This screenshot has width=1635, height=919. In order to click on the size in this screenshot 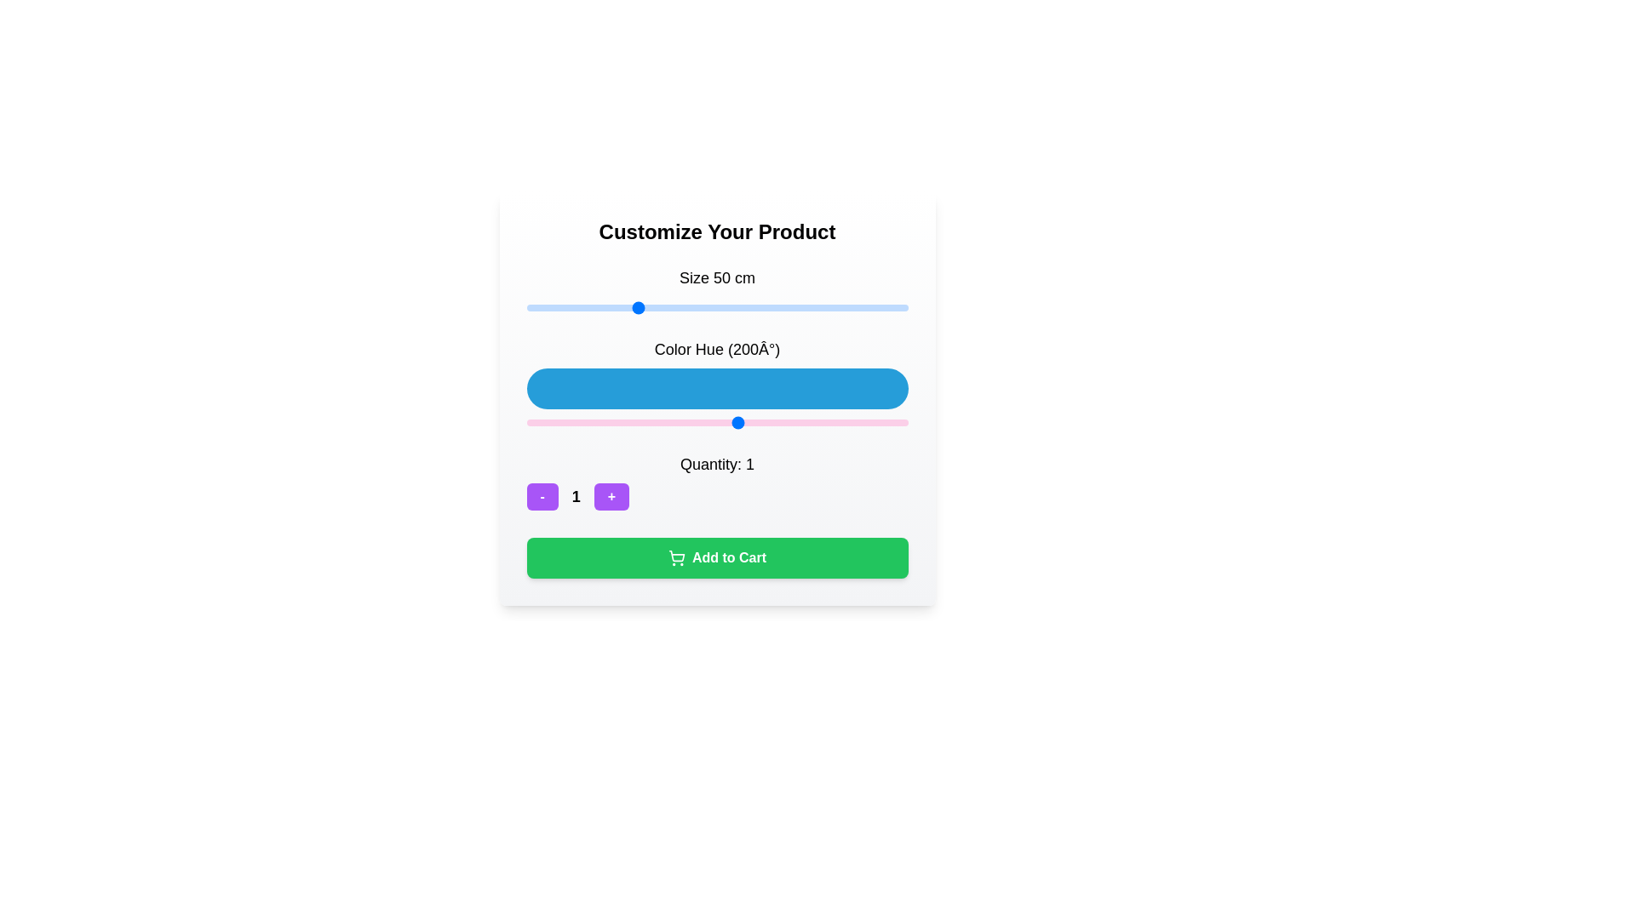, I will do `click(678, 308)`.